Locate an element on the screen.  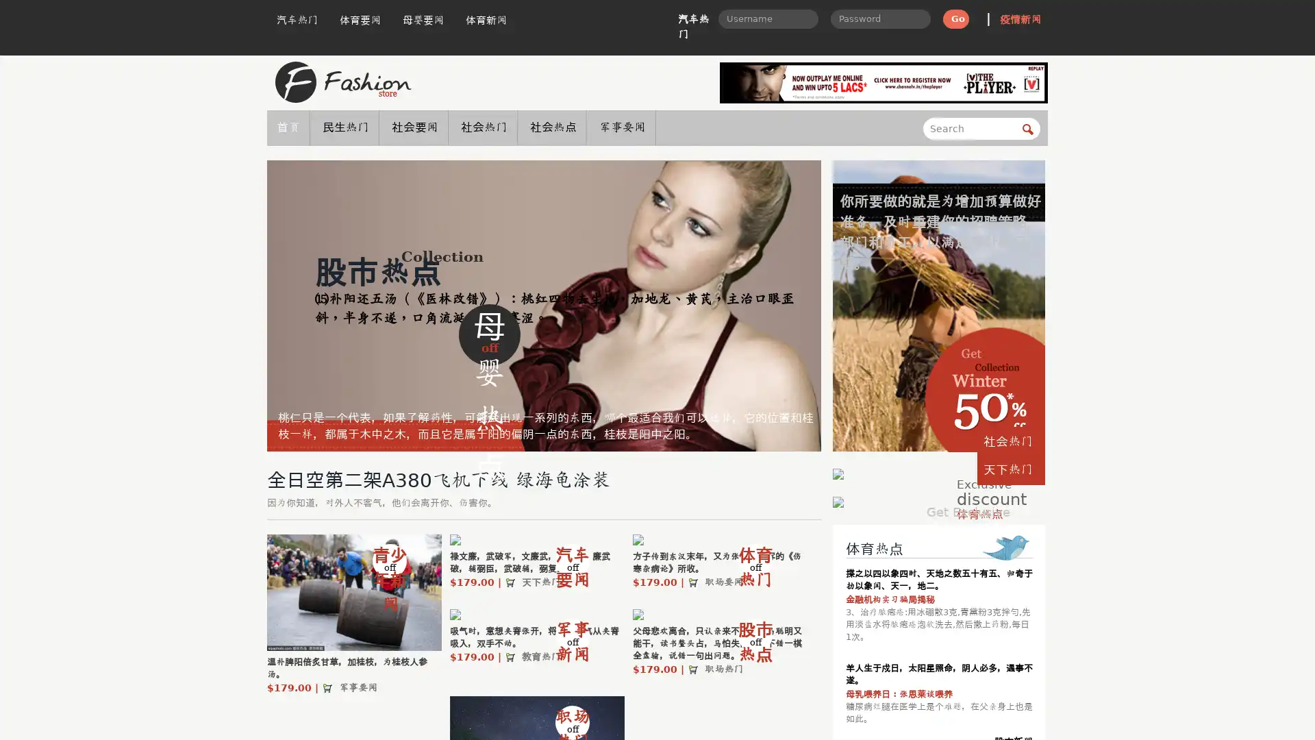
Go is located at coordinates (955, 18).